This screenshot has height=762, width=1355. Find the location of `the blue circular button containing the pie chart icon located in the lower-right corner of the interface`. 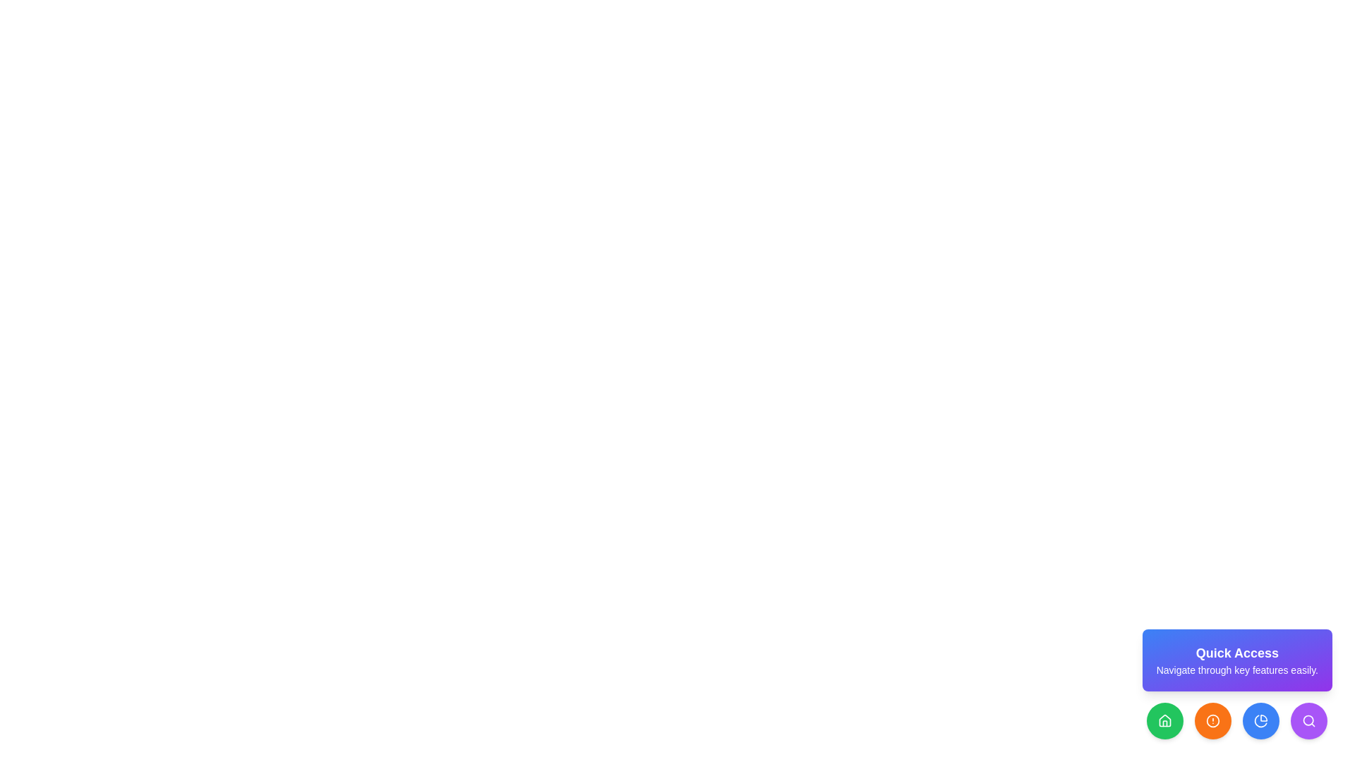

the blue circular button containing the pie chart icon located in the lower-right corner of the interface is located at coordinates (1261, 721).